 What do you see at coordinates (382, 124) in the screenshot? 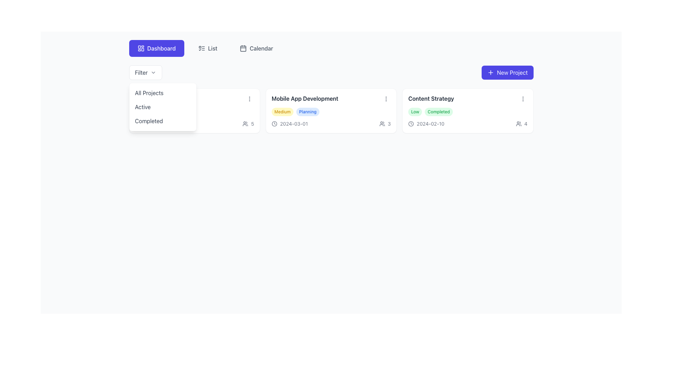
I see `the icon representing two abstract human figures side by side, located in the bottom right corner of the 'Mobile App Development' card, adjacent to the number '3'` at bounding box center [382, 124].